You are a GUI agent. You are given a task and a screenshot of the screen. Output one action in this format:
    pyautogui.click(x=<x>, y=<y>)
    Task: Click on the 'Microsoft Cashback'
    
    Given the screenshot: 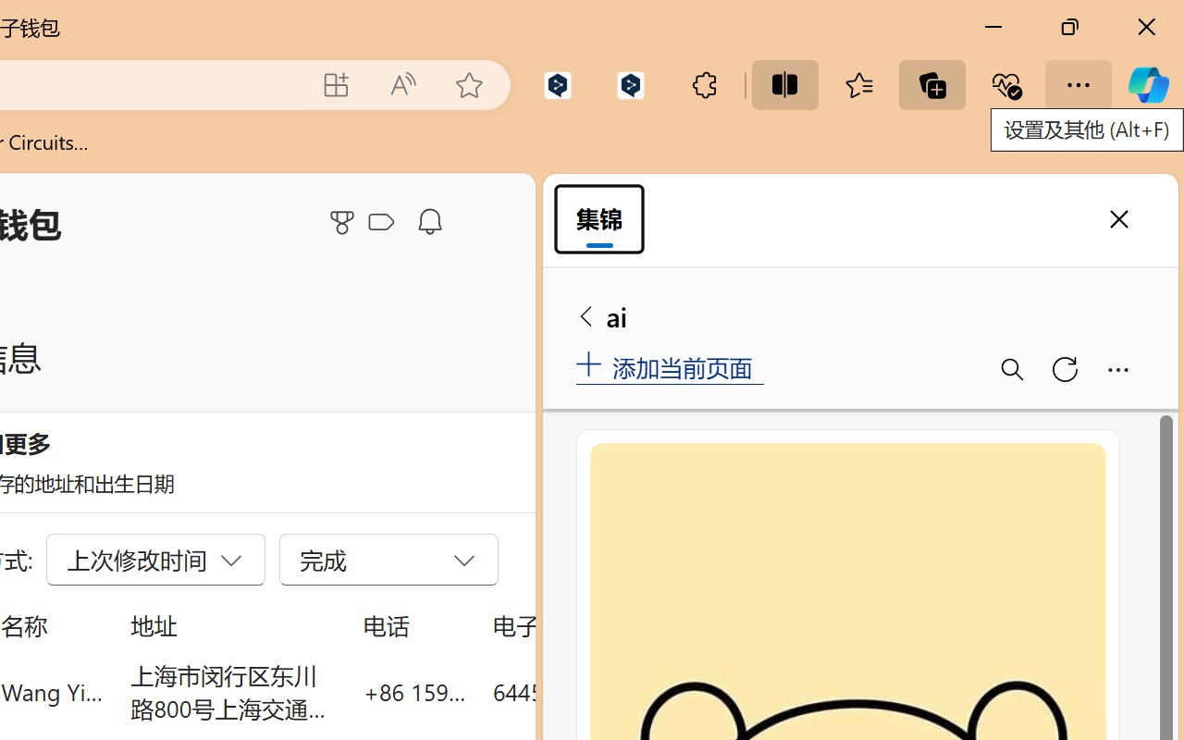 What is the action you would take?
    pyautogui.click(x=384, y=222)
    